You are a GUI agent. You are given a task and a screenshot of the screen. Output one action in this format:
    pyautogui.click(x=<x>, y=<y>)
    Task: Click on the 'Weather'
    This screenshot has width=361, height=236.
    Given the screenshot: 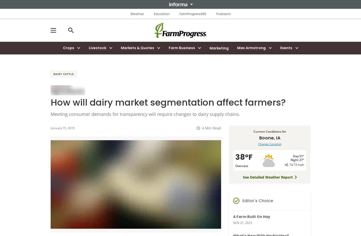 What is the action you would take?
    pyautogui.click(x=137, y=14)
    